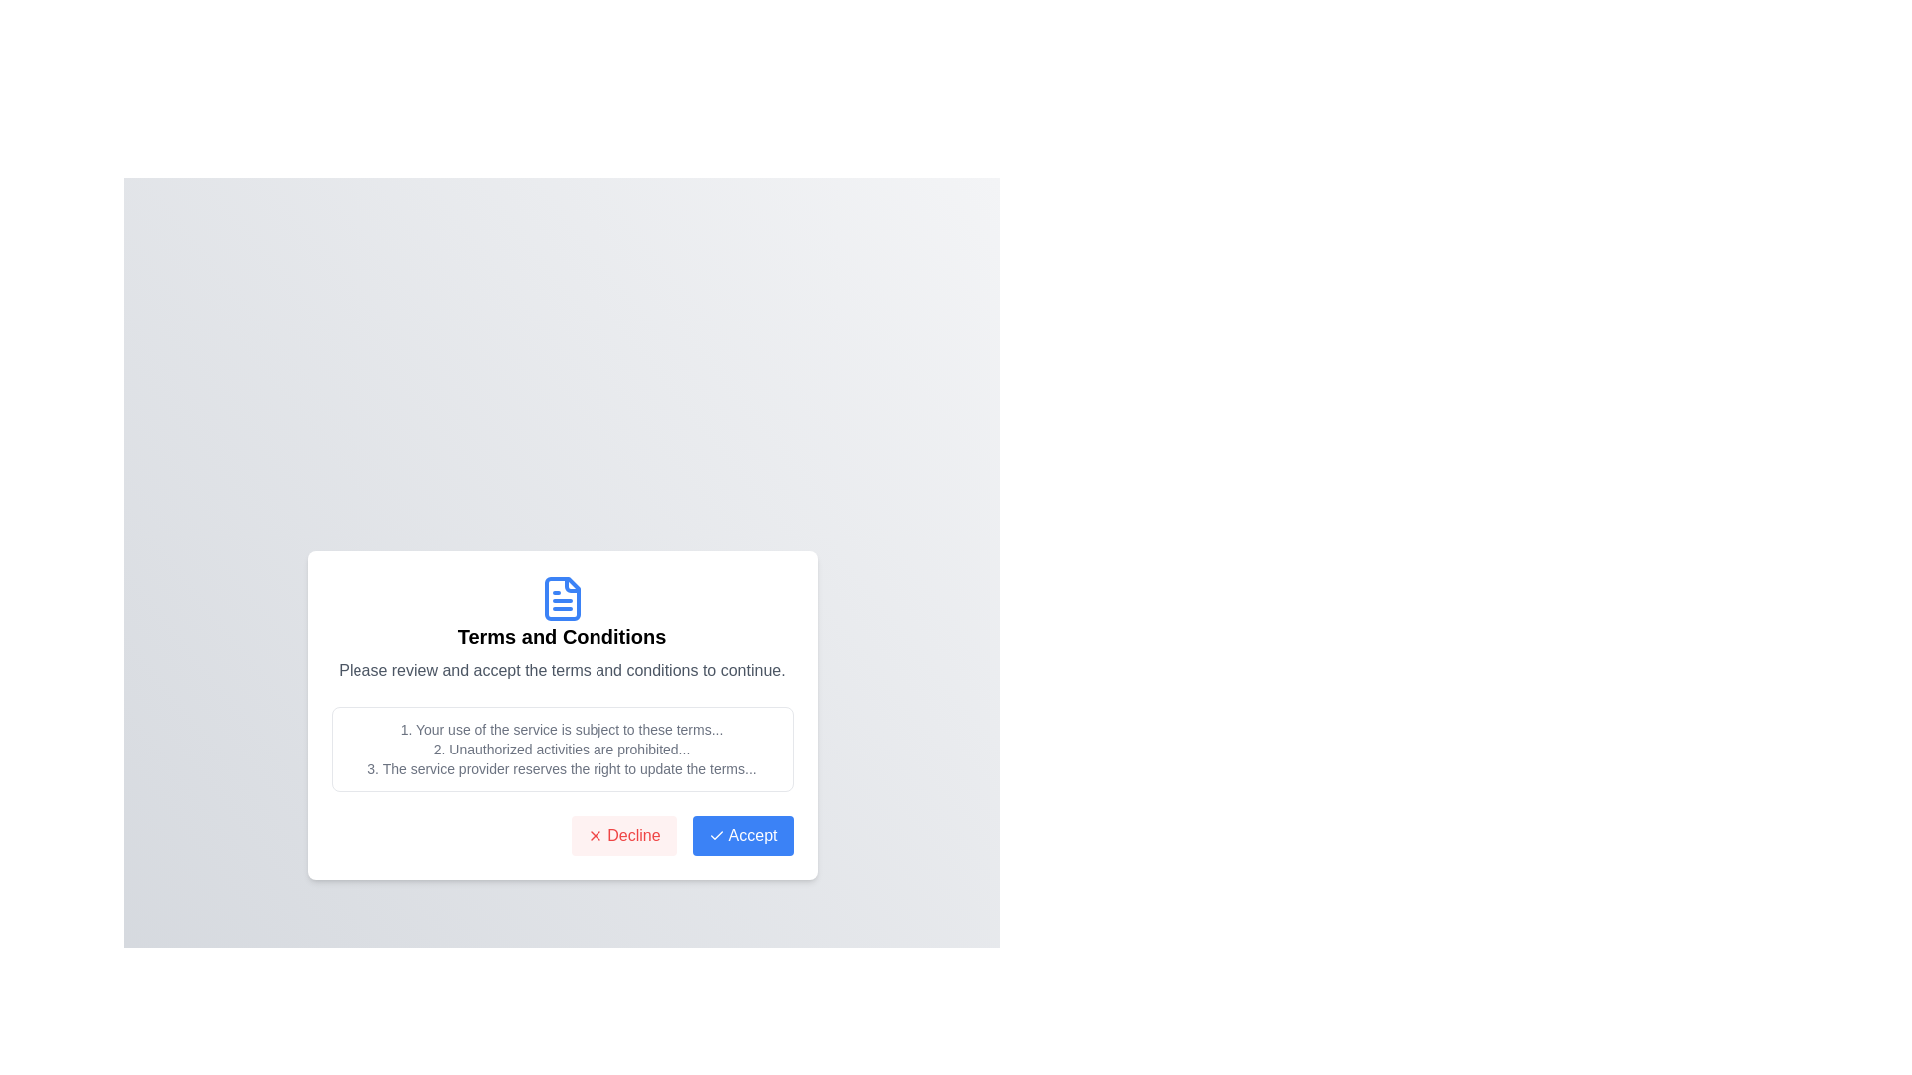 The image size is (1912, 1075). Describe the element at coordinates (561, 767) in the screenshot. I see `the text entry that reads '3. The service provider reserves the right to update the terms...' in the Terms and Conditions modal dialog box` at that location.